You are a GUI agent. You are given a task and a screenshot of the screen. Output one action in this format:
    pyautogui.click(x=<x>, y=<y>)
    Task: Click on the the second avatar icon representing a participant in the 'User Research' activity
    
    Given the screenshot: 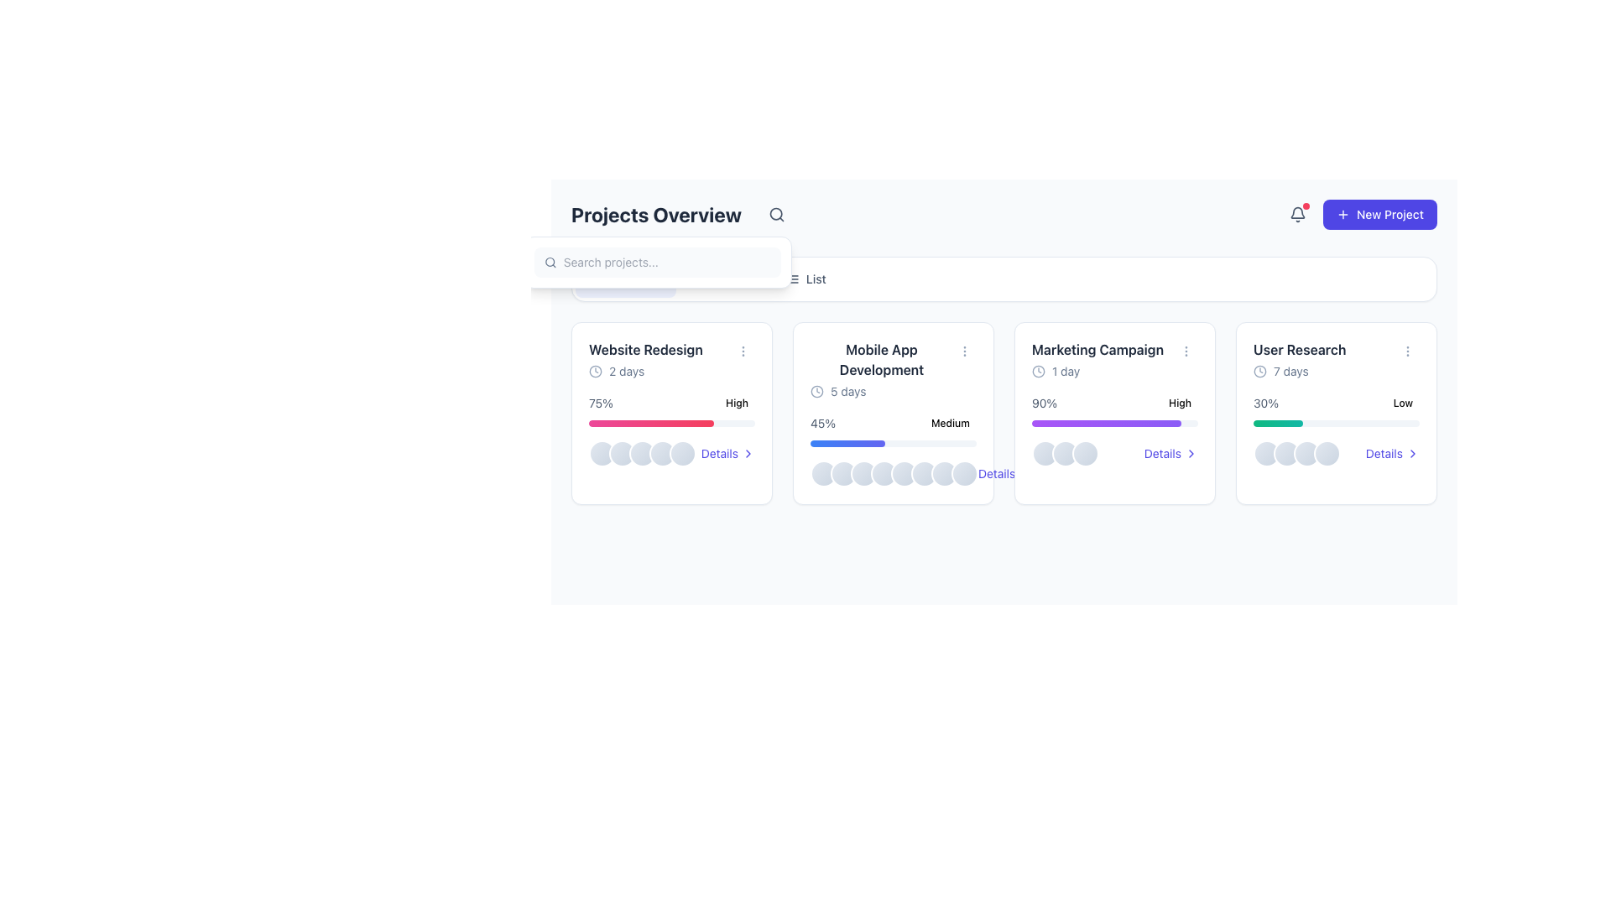 What is the action you would take?
    pyautogui.click(x=1286, y=453)
    